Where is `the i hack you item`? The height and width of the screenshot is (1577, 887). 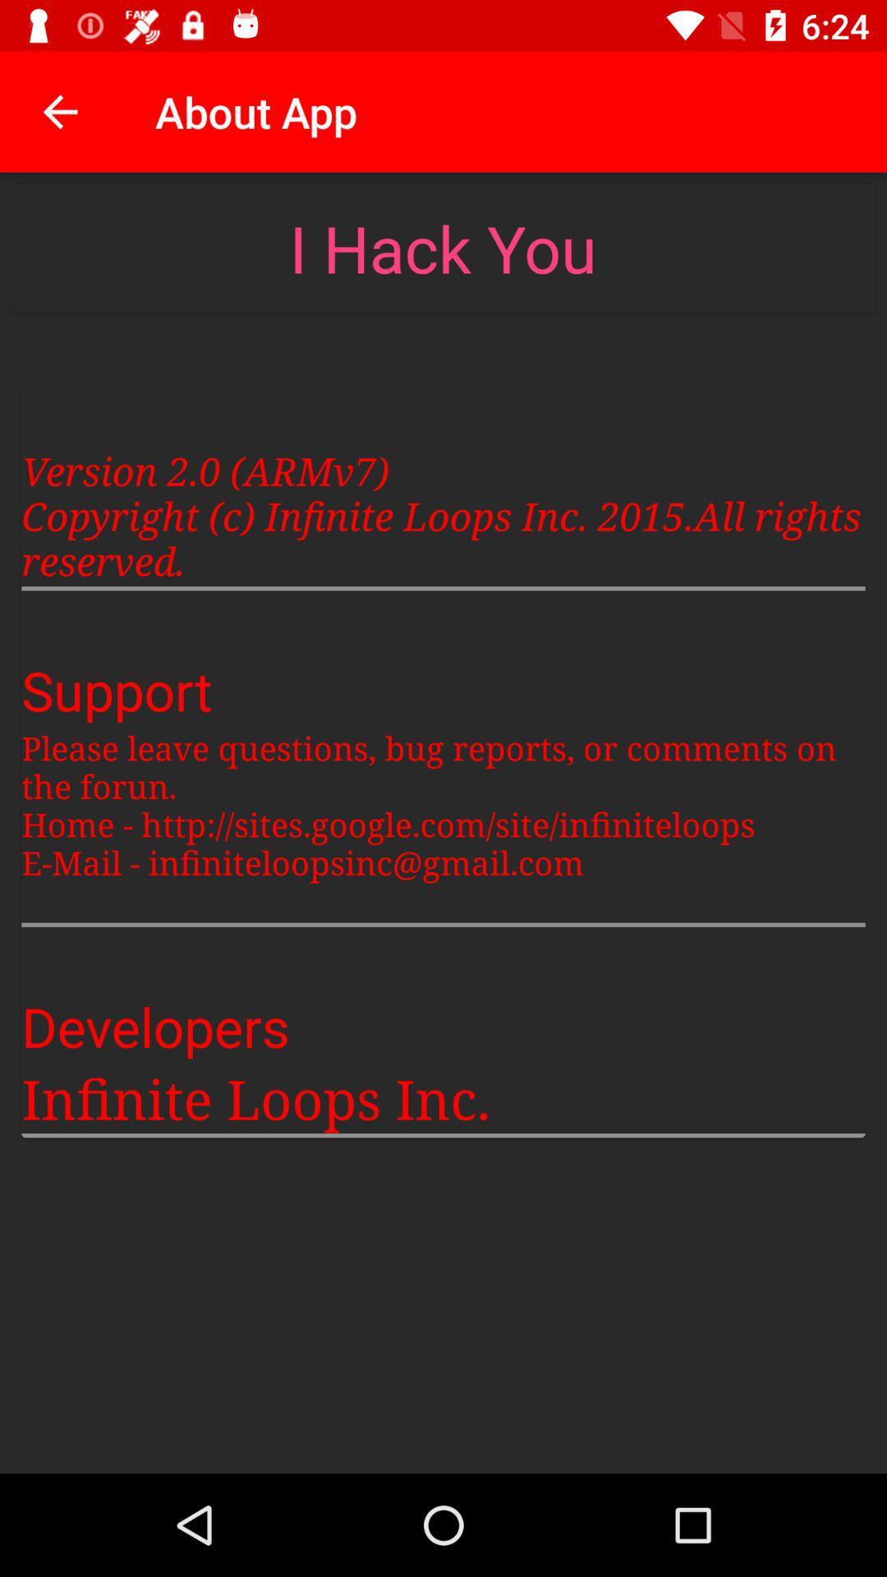 the i hack you item is located at coordinates (442, 247).